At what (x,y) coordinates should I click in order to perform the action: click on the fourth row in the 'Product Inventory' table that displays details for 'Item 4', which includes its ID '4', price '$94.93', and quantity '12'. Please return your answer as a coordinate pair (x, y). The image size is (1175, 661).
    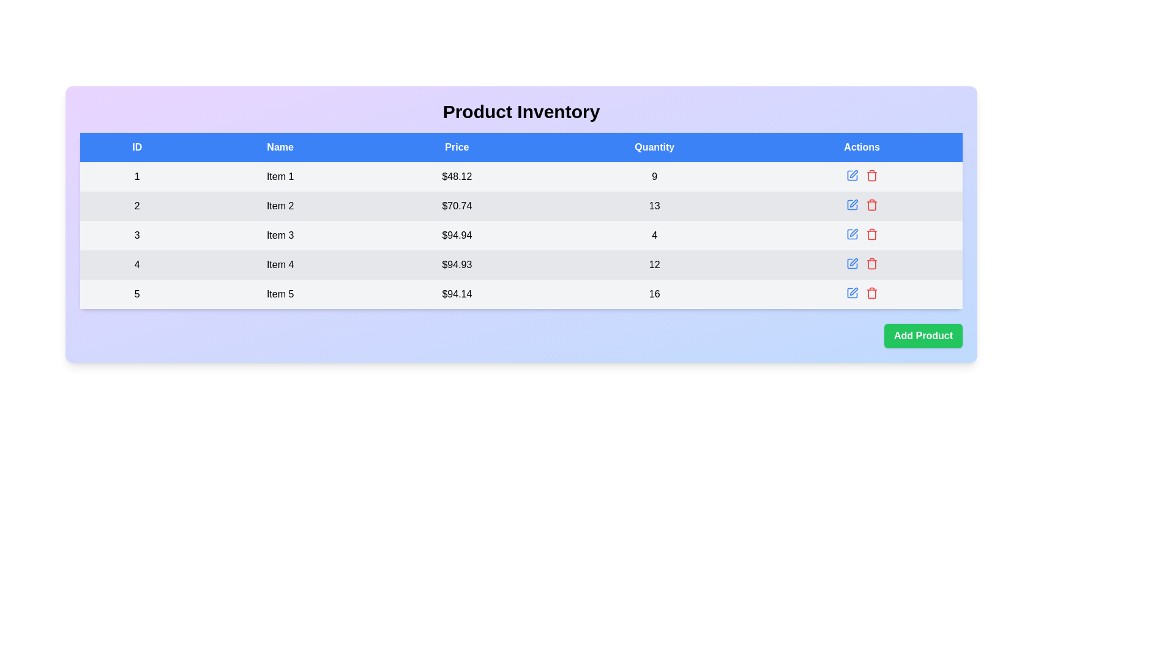
    Looking at the image, I should click on (521, 264).